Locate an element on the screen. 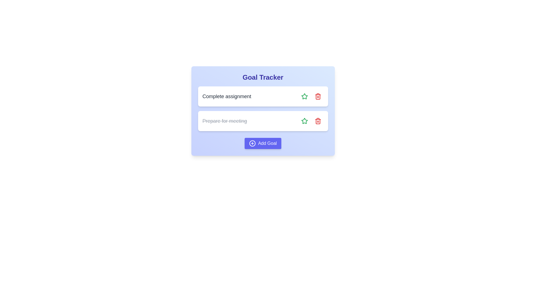 Image resolution: width=538 pixels, height=302 pixels. the 'Add Goal' button with a purple background and white text located at the bottom of the 'Goal Tracker' list is located at coordinates (263, 143).